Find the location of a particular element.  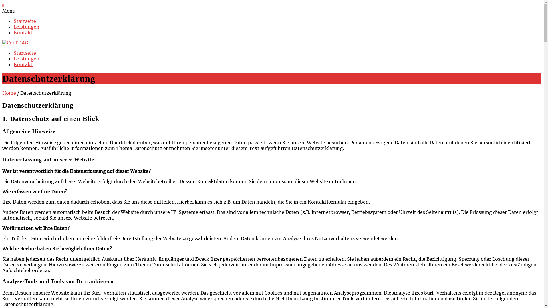

'Kontakt' is located at coordinates (23, 64).